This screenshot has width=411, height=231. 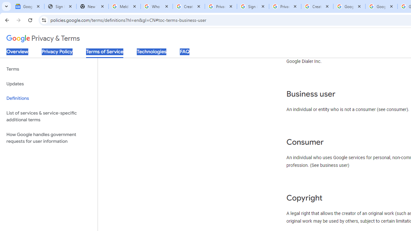 What do you see at coordinates (253, 6) in the screenshot?
I see `'Sign in - Google Accounts'` at bounding box center [253, 6].